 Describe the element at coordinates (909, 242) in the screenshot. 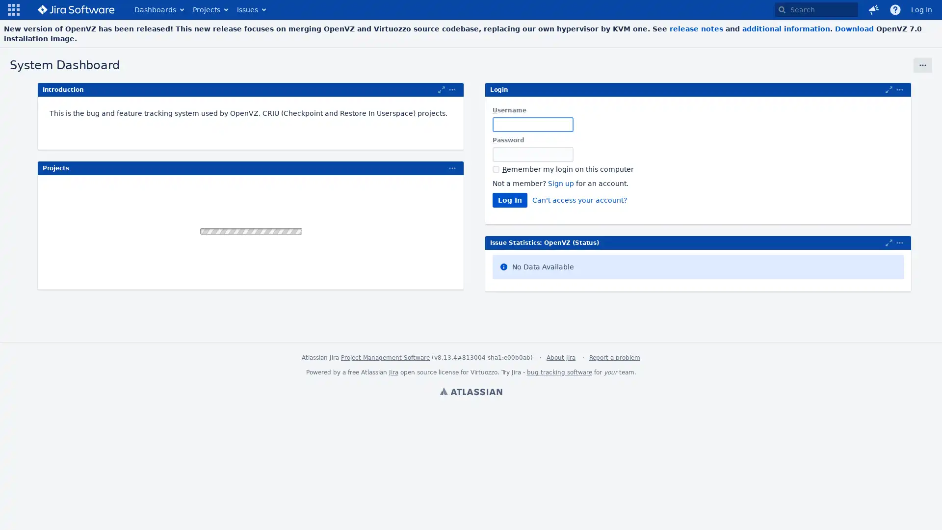

I see `Expand` at that location.